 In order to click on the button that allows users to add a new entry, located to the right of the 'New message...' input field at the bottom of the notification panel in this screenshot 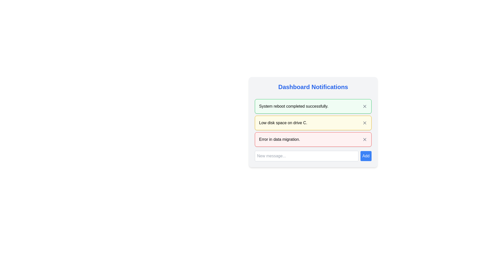, I will do `click(366, 156)`.